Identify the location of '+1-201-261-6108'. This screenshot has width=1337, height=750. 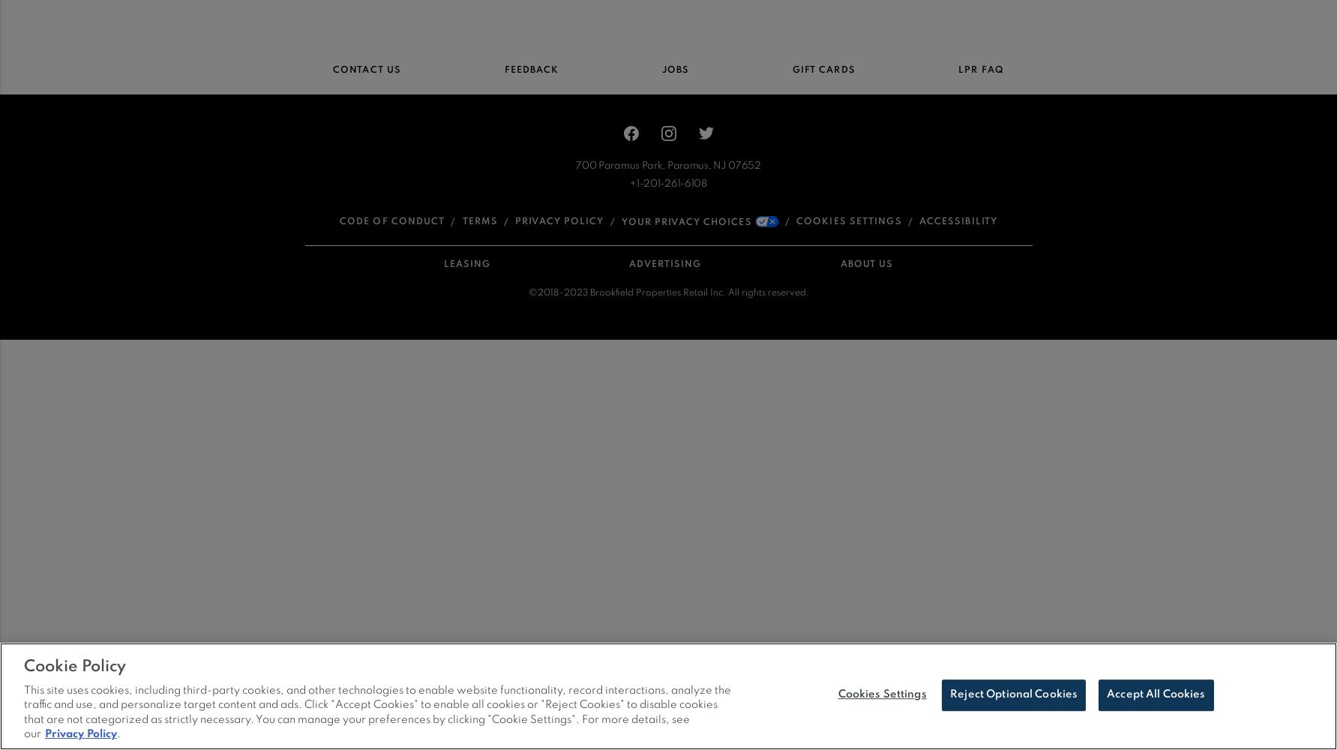
(629, 182).